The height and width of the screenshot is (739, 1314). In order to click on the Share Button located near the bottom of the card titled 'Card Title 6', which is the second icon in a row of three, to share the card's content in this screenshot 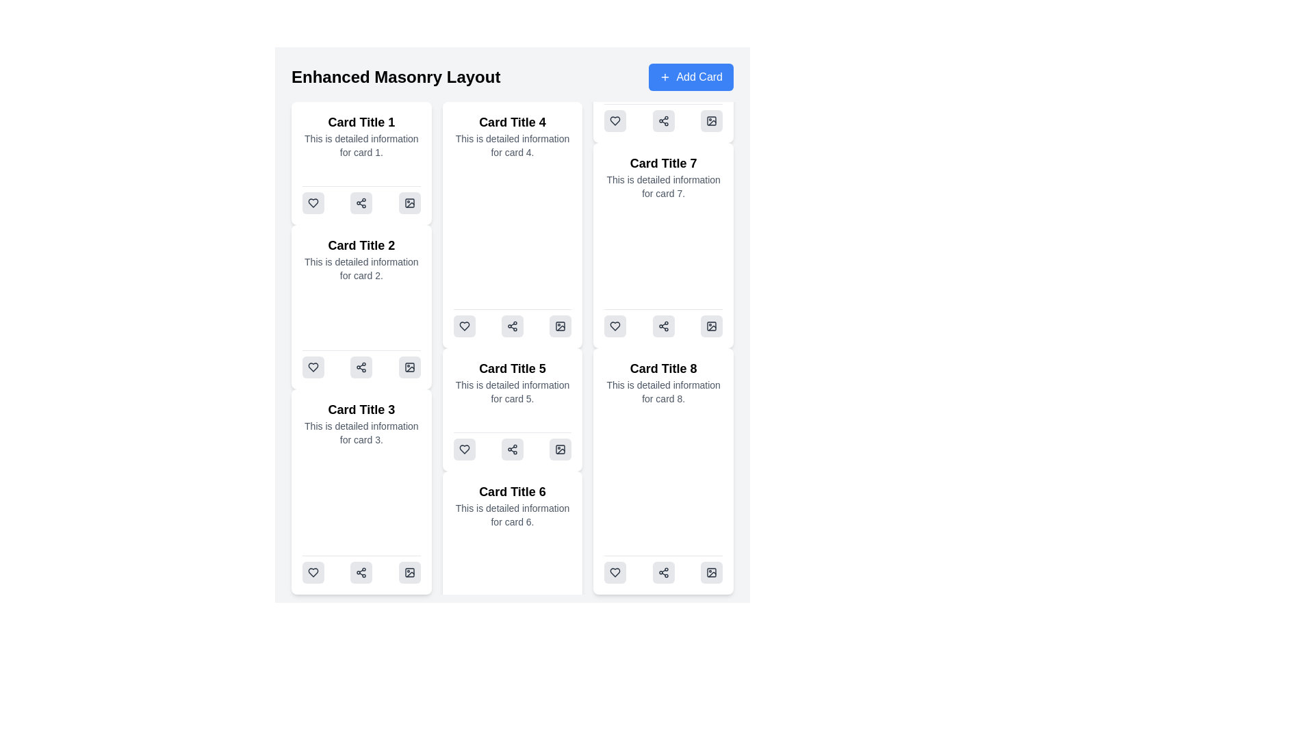, I will do `click(511, 449)`.